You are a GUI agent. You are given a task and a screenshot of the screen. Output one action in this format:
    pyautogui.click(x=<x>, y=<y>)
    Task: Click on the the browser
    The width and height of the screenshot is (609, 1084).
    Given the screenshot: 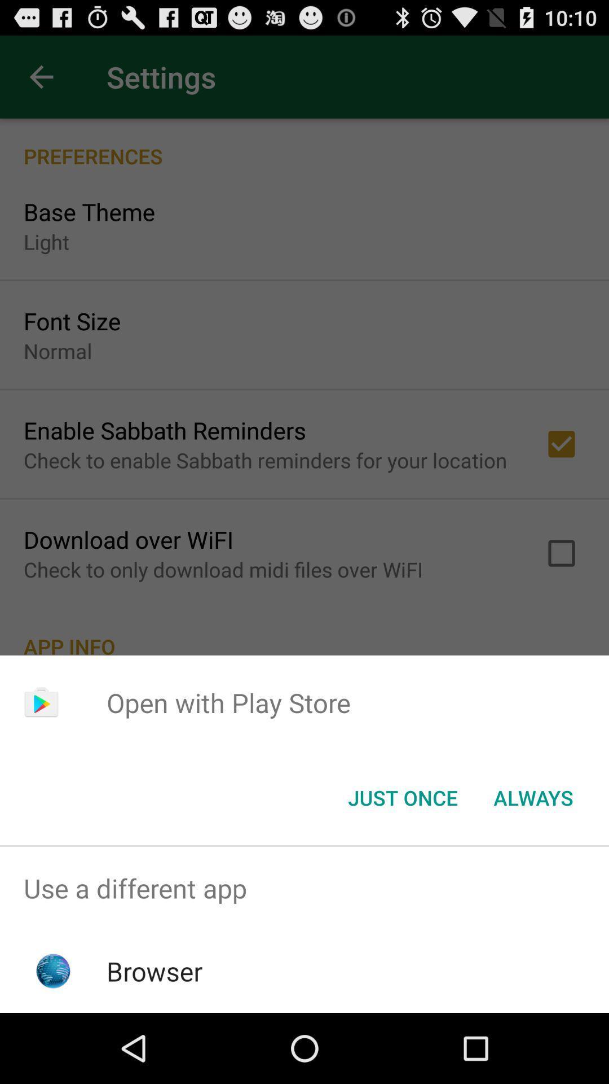 What is the action you would take?
    pyautogui.click(x=155, y=971)
    